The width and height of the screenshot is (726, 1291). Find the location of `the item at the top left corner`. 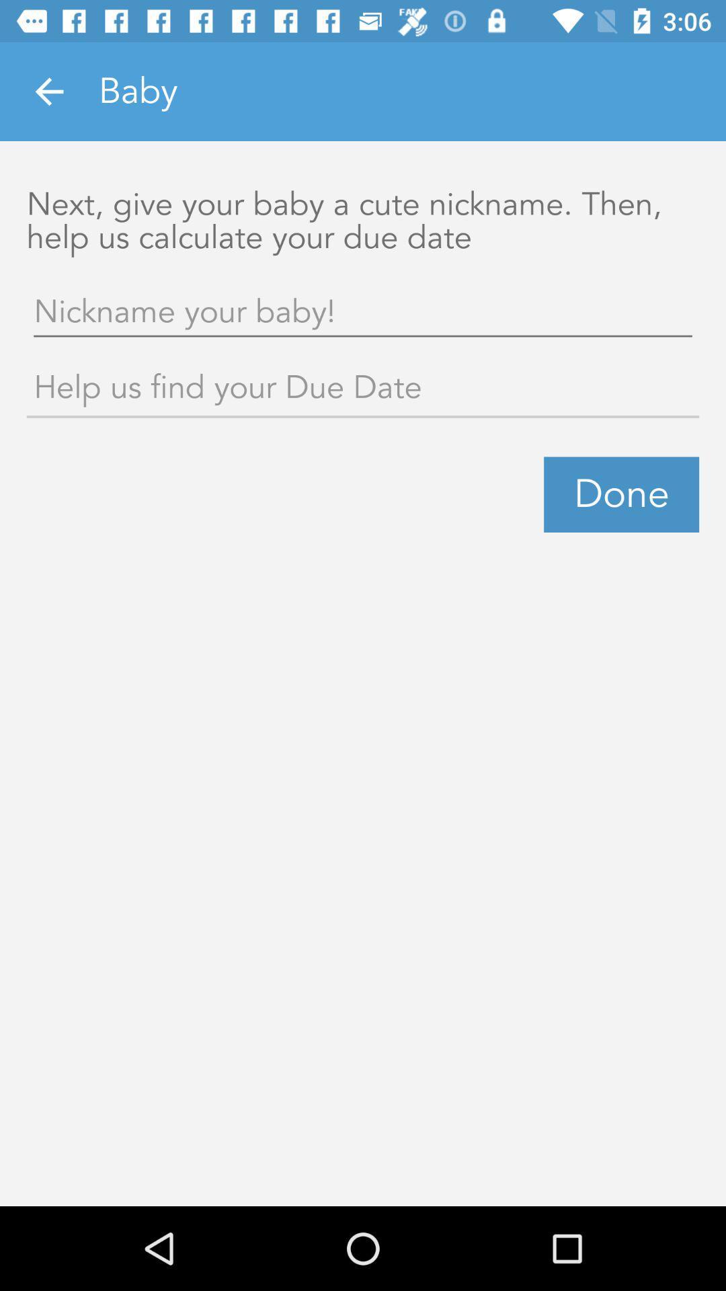

the item at the top left corner is located at coordinates (48, 91).